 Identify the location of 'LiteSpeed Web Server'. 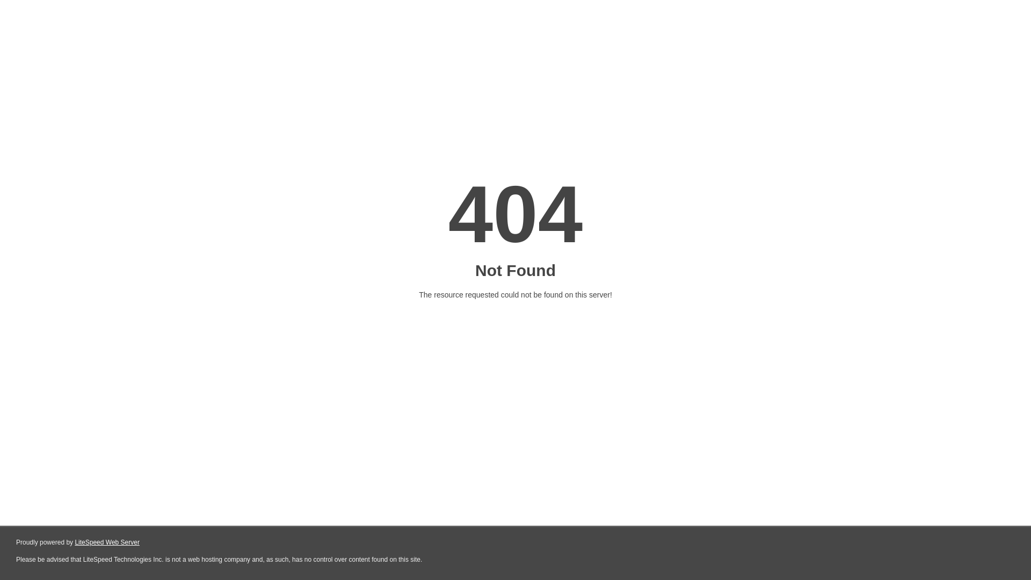
(107, 542).